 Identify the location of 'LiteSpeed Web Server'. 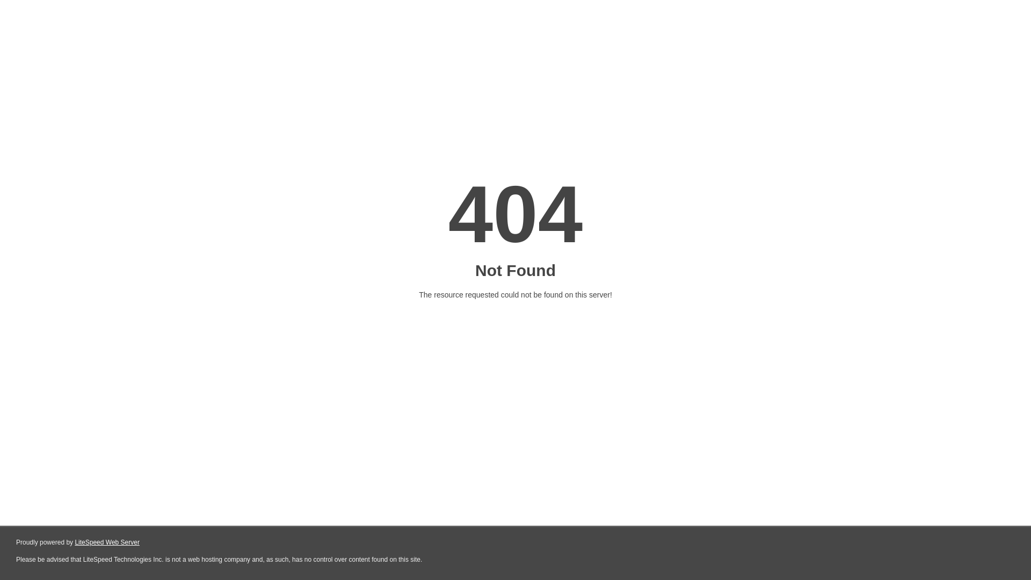
(107, 542).